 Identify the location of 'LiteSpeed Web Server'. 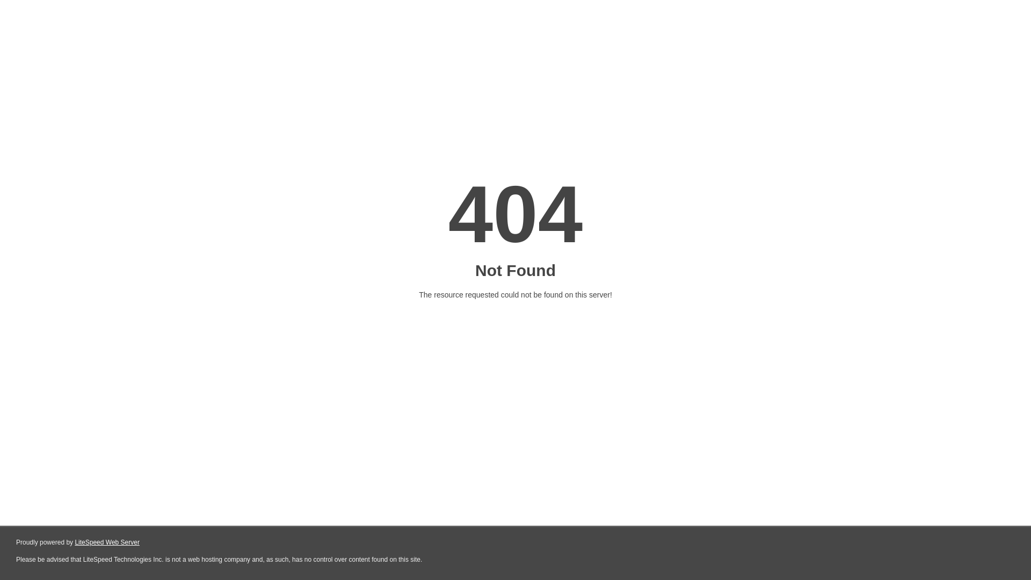
(107, 542).